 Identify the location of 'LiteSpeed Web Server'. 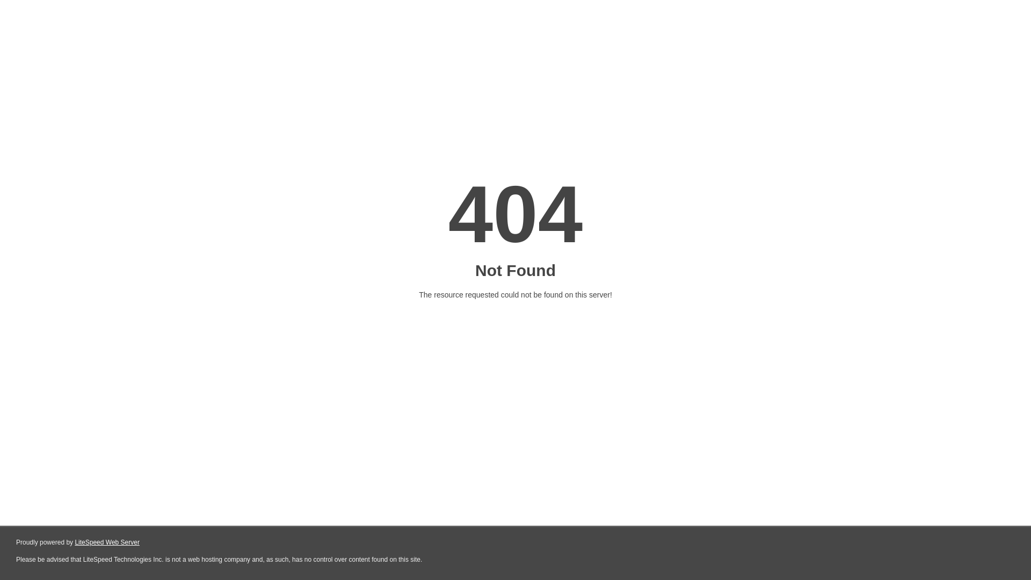
(107, 542).